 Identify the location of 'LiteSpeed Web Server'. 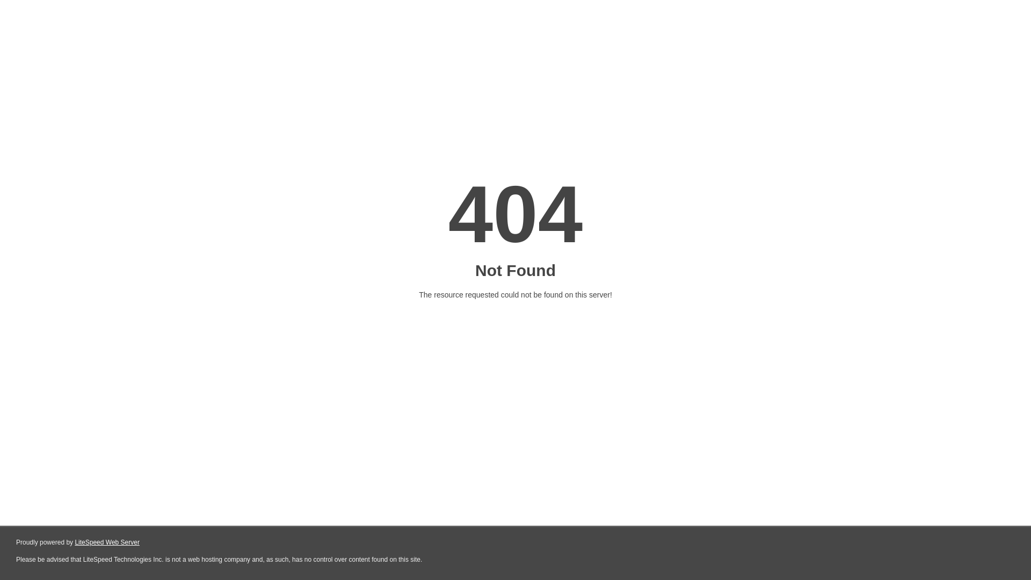
(107, 542).